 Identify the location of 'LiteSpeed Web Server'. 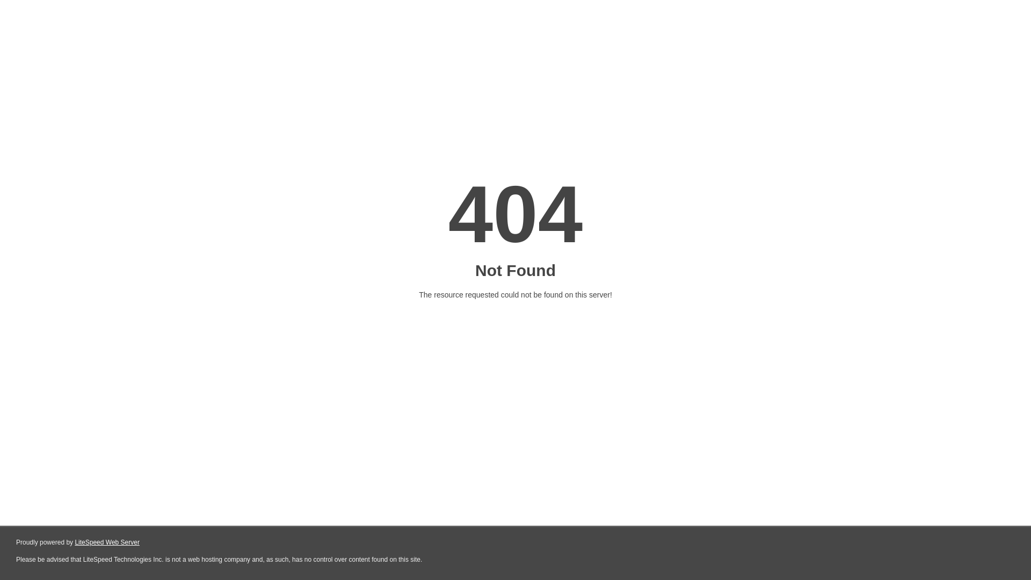
(107, 542).